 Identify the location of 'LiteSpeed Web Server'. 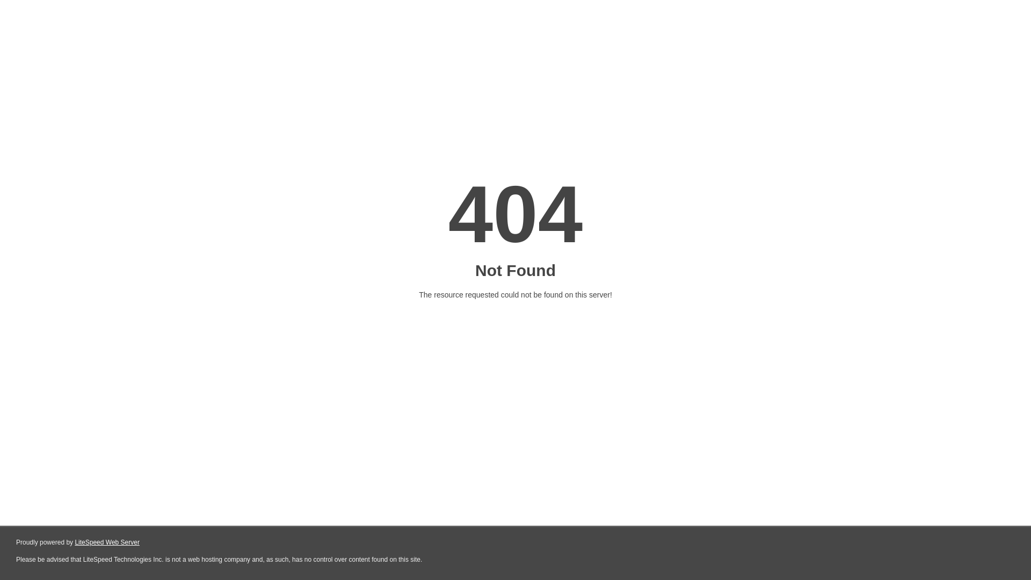
(107, 542).